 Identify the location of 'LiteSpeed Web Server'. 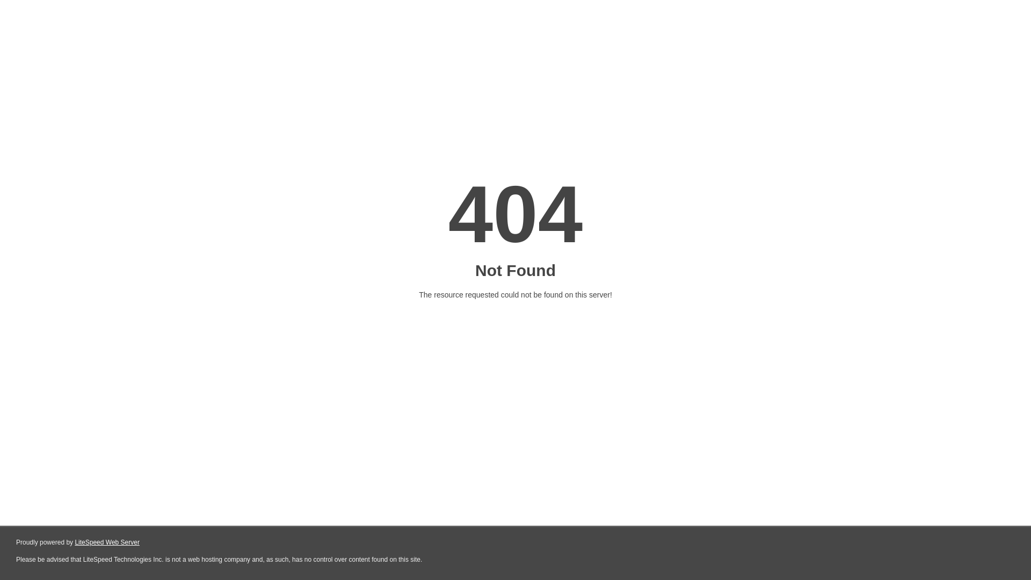
(107, 542).